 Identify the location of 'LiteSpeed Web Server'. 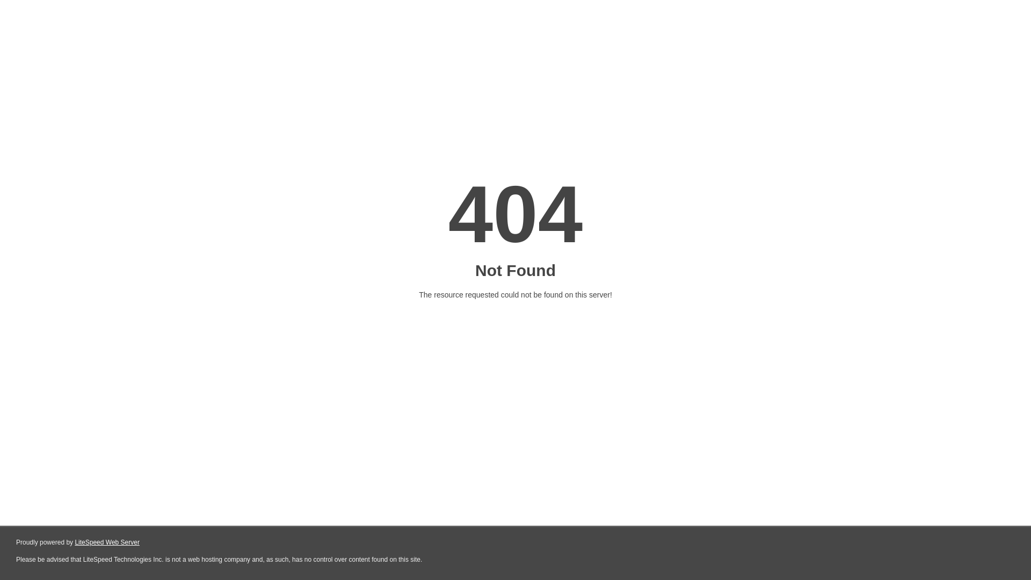
(107, 542).